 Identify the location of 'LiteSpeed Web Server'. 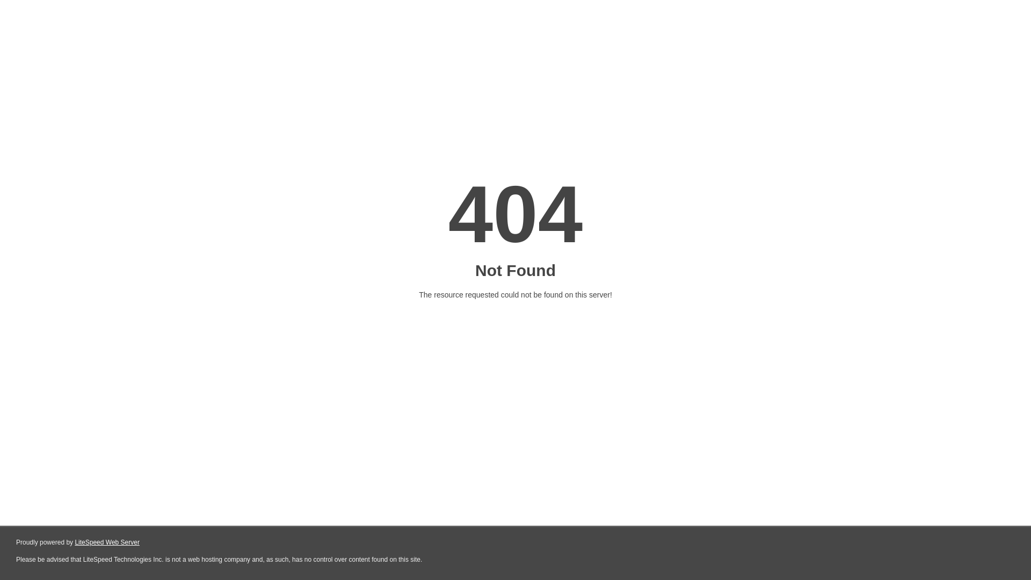
(107, 542).